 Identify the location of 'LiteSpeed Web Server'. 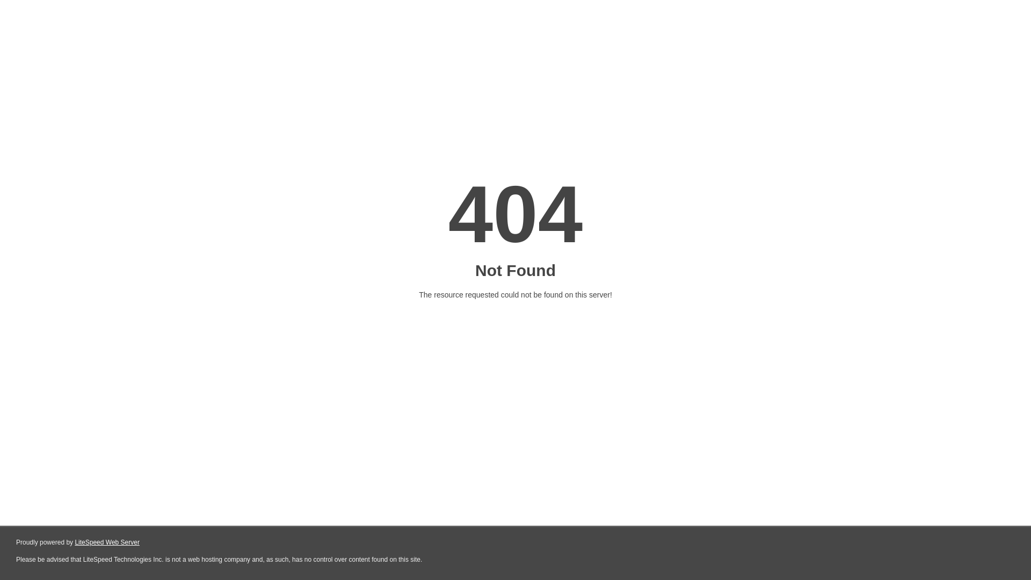
(107, 542).